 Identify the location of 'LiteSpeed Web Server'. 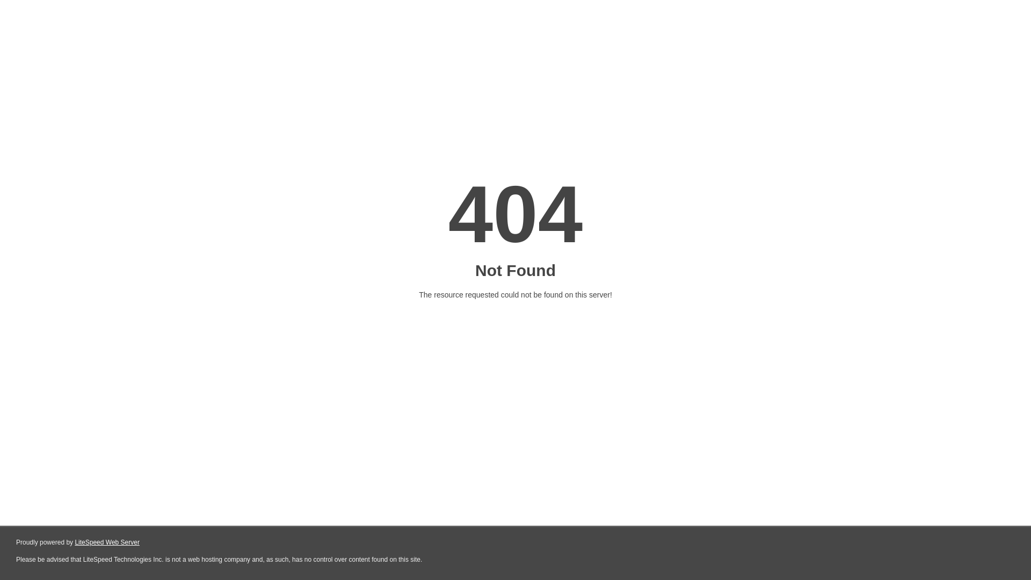
(107, 542).